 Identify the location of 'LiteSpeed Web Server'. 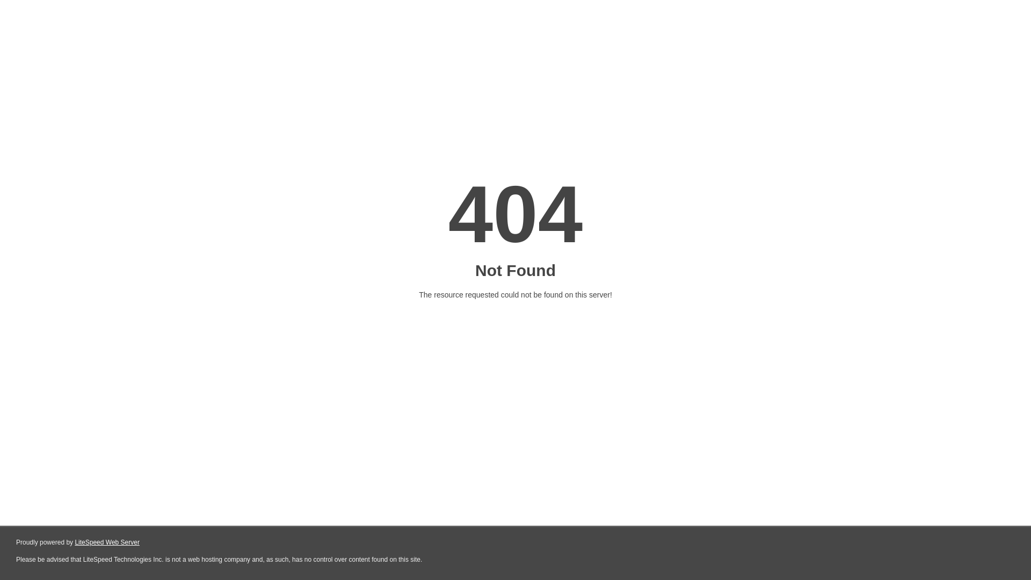
(107, 542).